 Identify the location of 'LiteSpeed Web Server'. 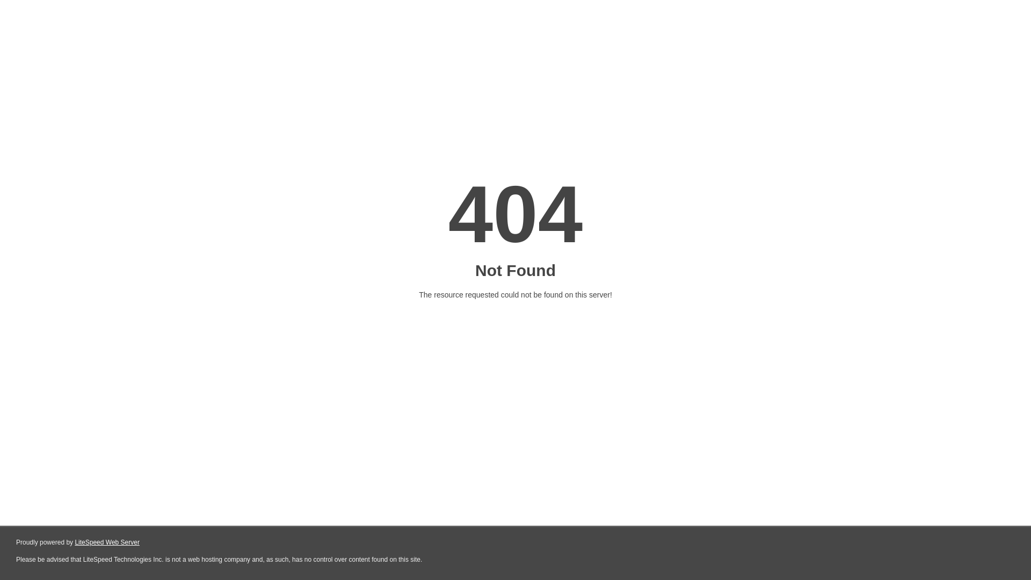
(107, 542).